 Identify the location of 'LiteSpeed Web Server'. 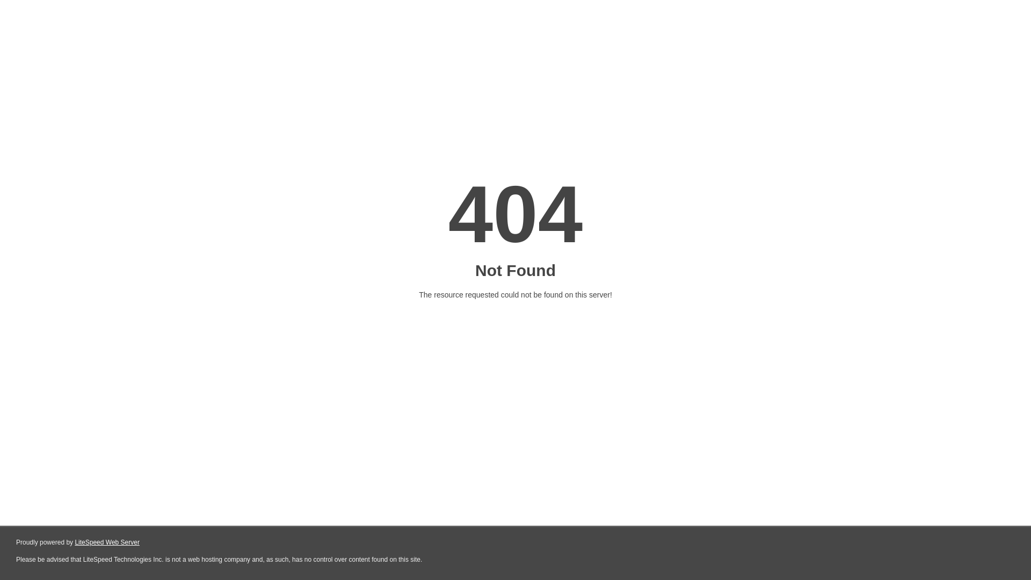
(107, 542).